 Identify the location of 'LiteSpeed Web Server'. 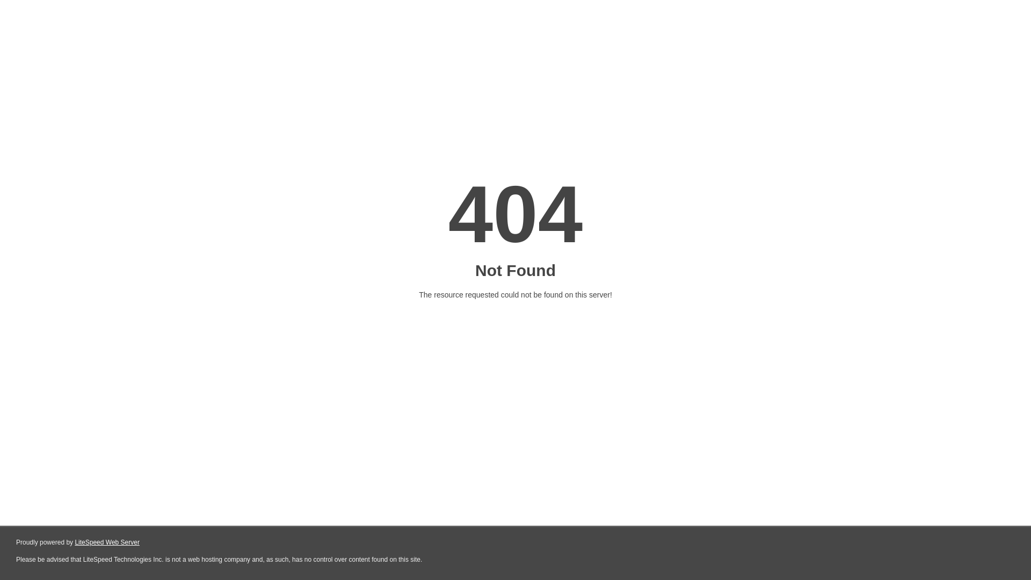
(107, 542).